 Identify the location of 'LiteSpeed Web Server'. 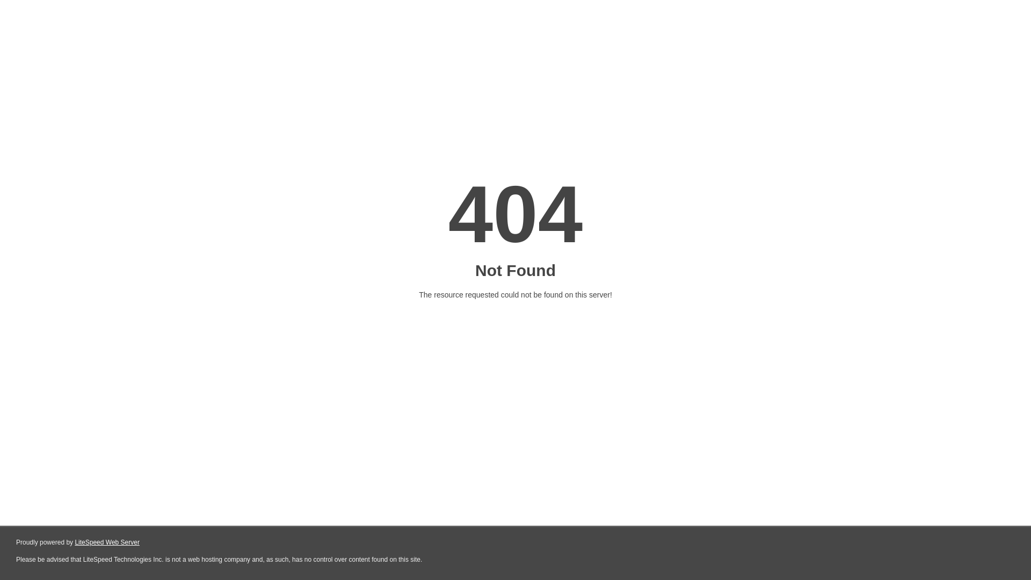
(107, 542).